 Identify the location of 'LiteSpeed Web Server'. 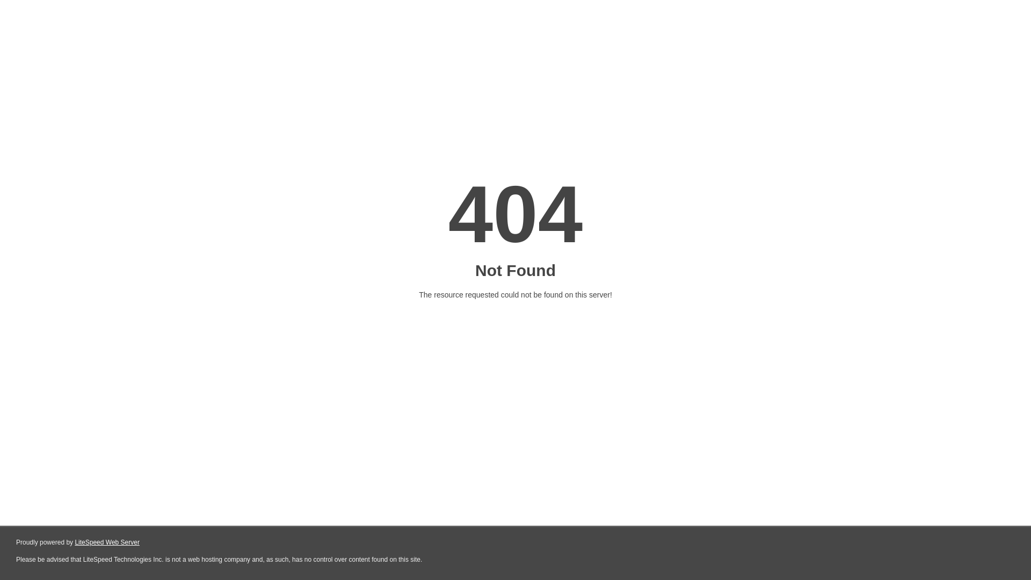
(107, 542).